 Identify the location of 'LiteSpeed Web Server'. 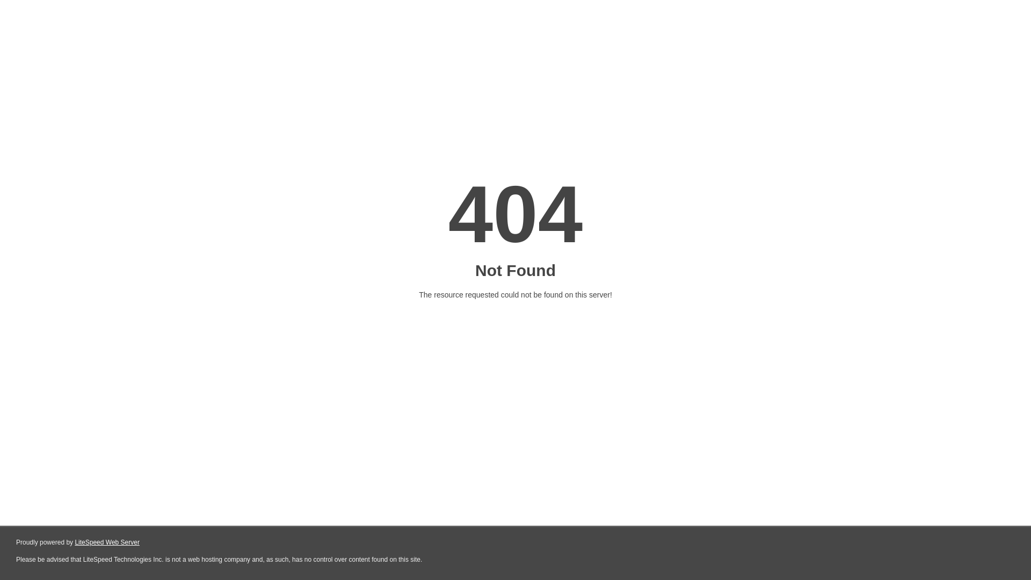
(107, 542).